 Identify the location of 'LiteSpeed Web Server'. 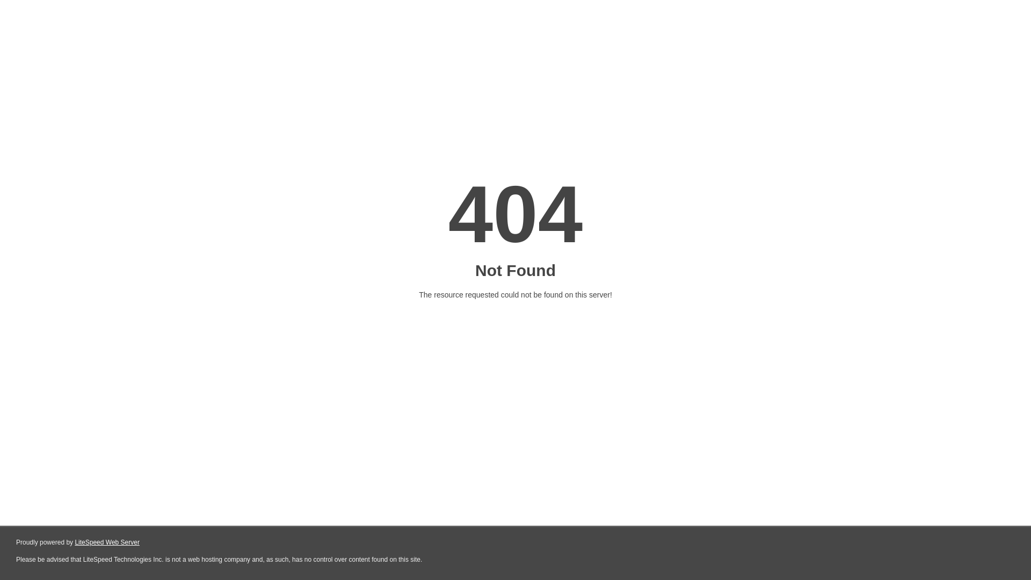
(107, 542).